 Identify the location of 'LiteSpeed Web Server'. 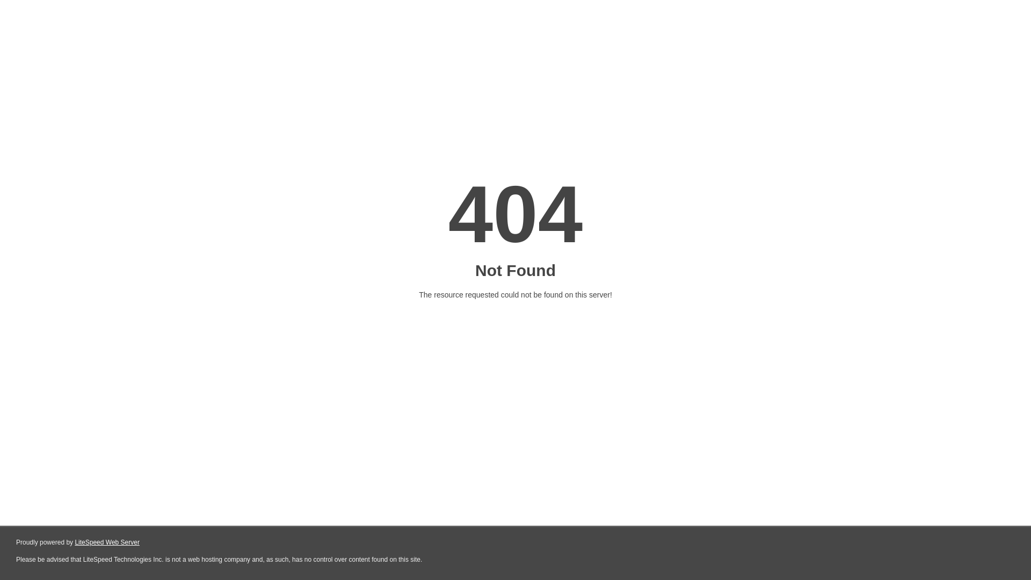
(107, 542).